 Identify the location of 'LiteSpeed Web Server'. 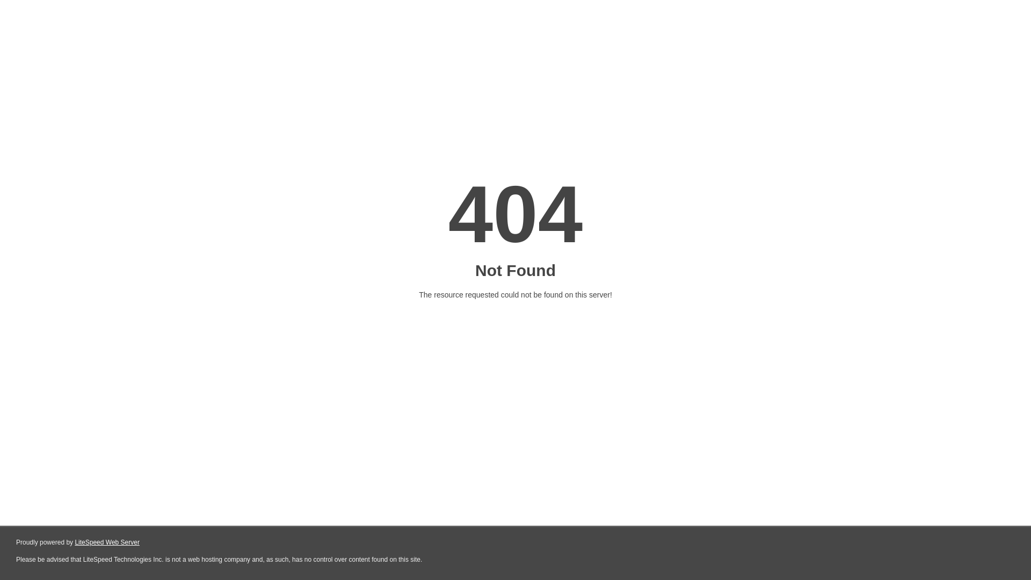
(107, 542).